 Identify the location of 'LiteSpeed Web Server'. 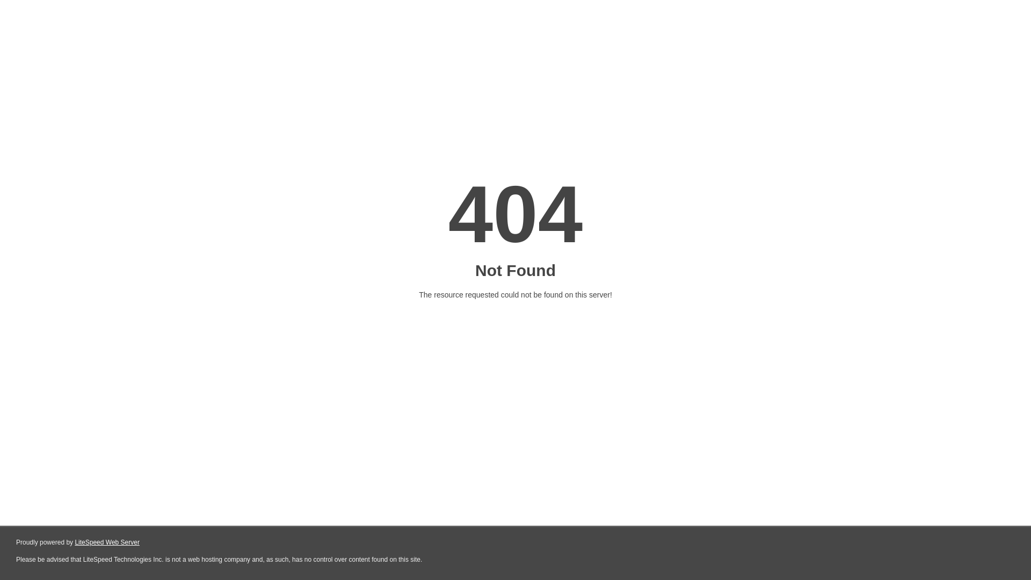
(107, 542).